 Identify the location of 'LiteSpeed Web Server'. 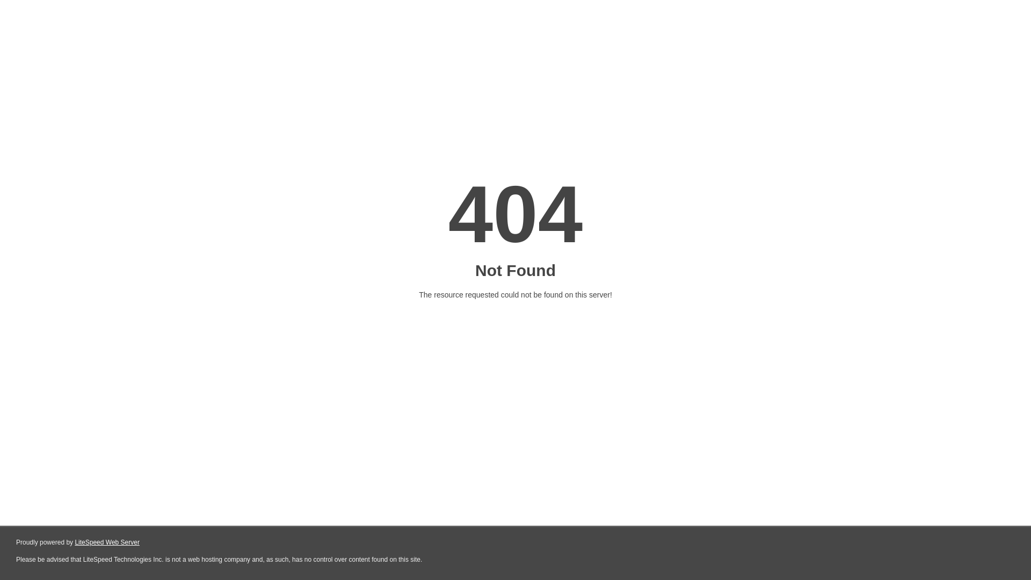
(107, 542).